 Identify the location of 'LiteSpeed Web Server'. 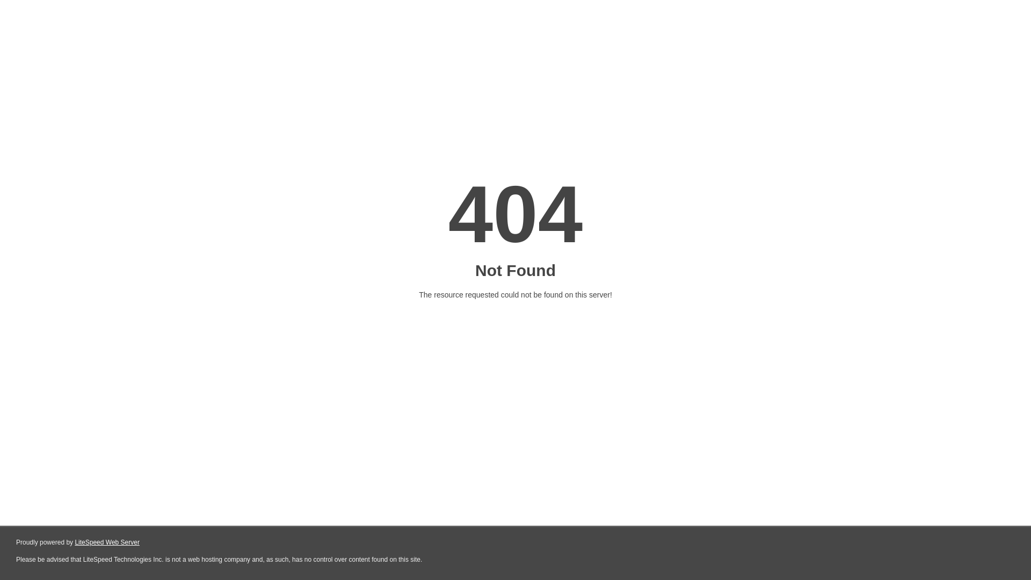
(107, 542).